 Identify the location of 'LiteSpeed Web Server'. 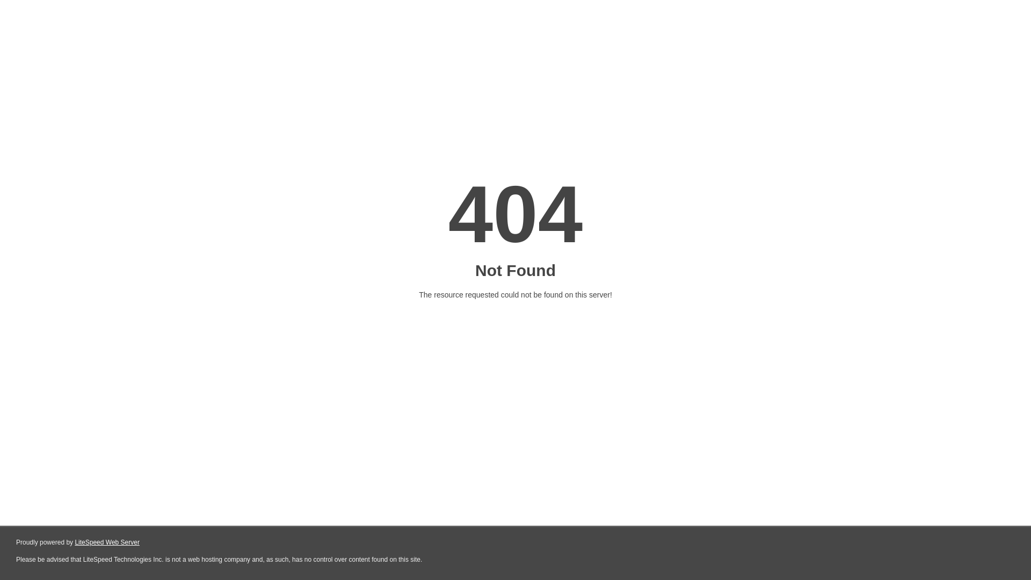
(107, 542).